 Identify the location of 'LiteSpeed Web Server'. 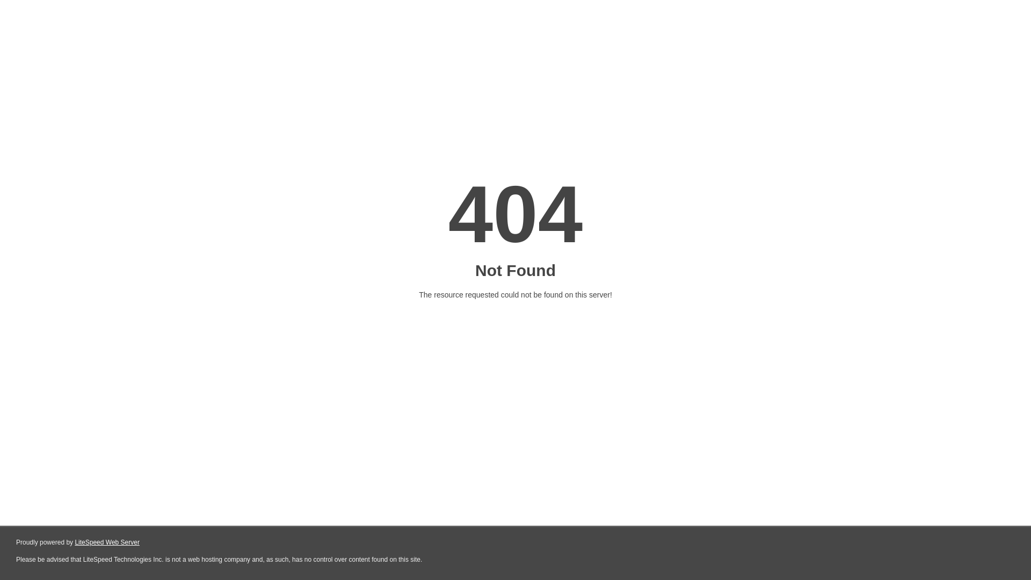
(107, 542).